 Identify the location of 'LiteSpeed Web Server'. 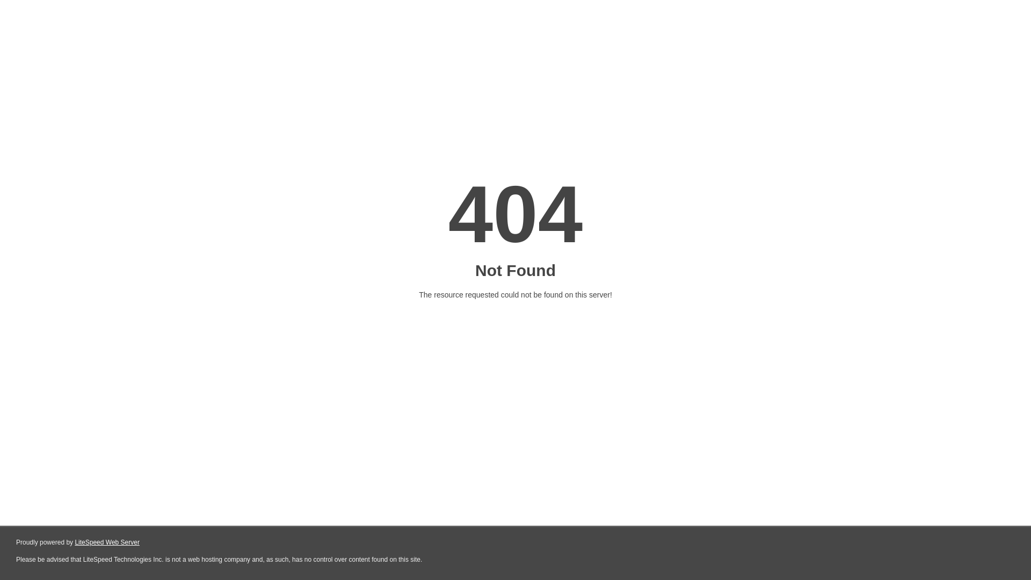
(107, 542).